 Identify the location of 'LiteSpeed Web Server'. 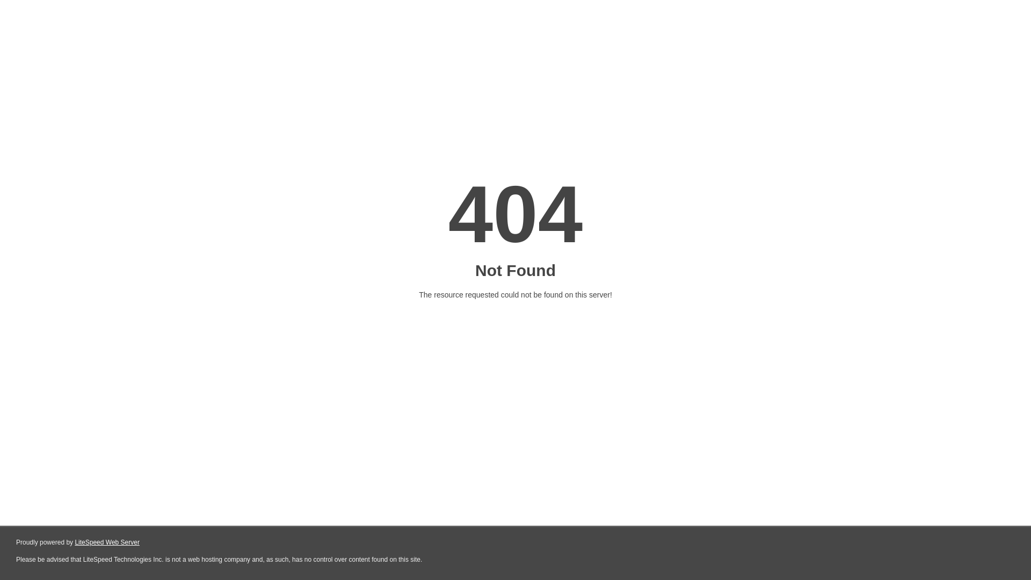
(107, 542).